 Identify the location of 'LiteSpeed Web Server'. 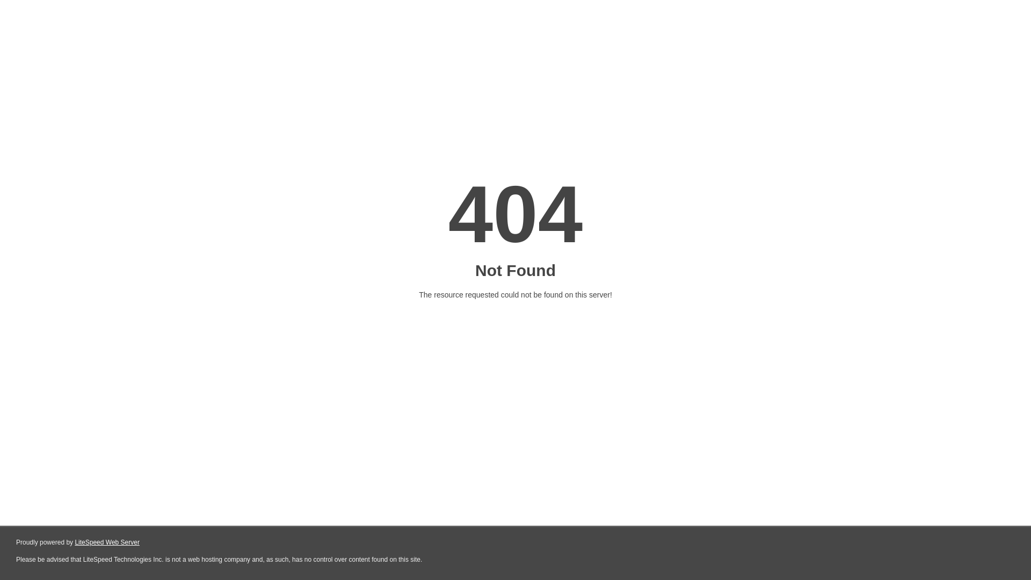
(107, 542).